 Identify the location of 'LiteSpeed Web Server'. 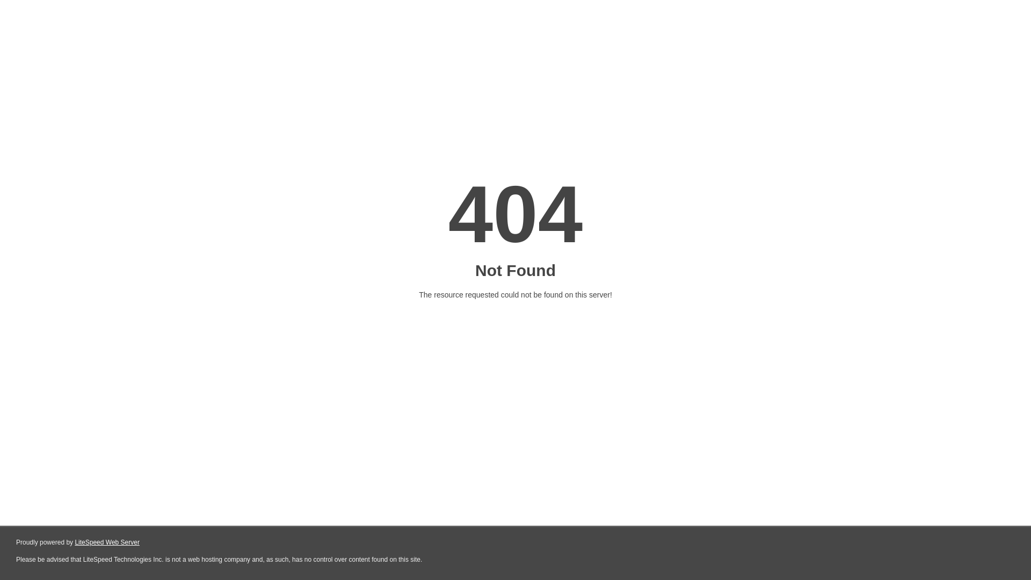
(107, 542).